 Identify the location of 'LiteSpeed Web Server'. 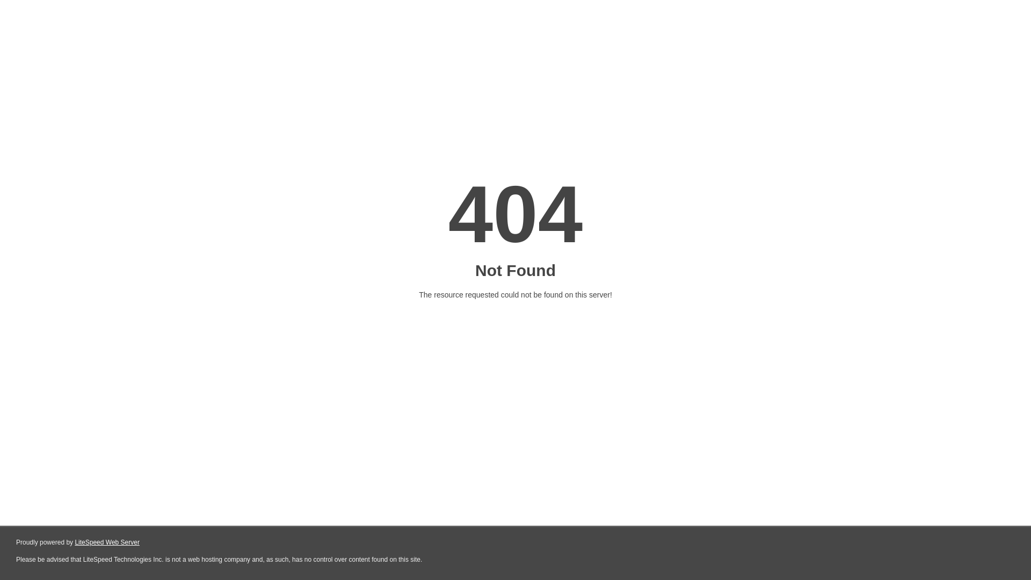
(107, 542).